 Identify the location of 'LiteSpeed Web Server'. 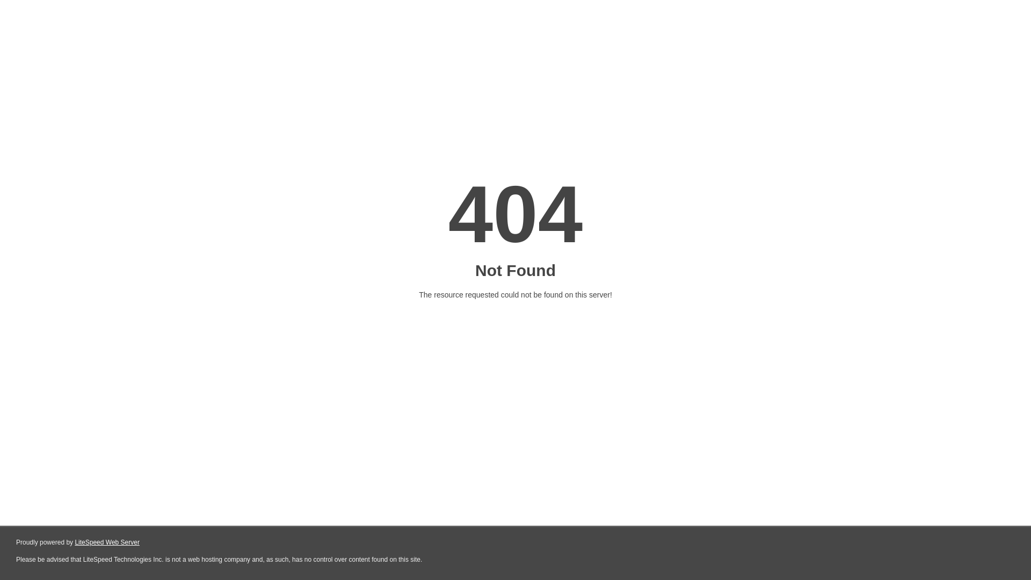
(107, 542).